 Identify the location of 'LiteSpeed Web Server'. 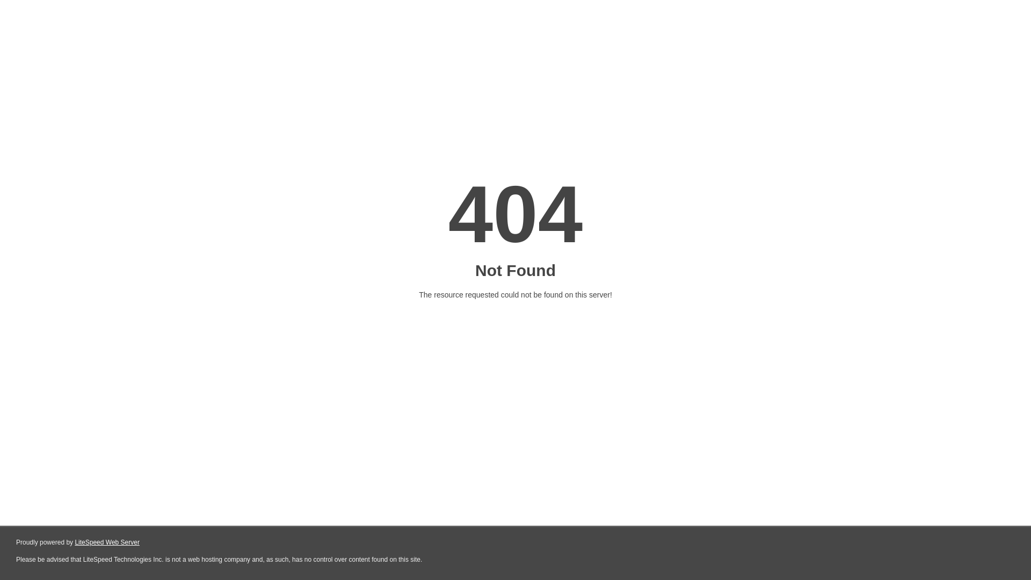
(107, 542).